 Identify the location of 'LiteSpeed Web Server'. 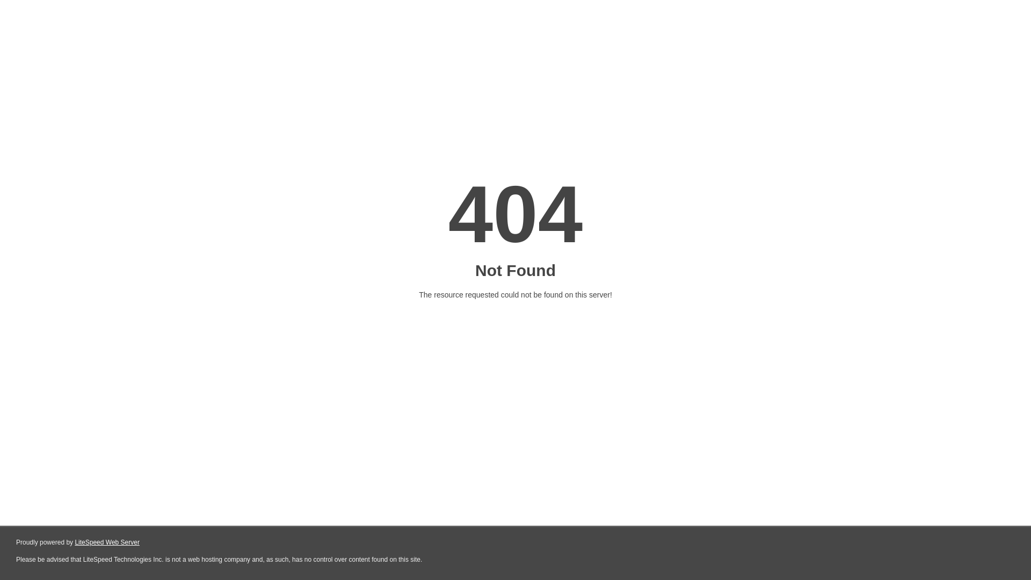
(107, 542).